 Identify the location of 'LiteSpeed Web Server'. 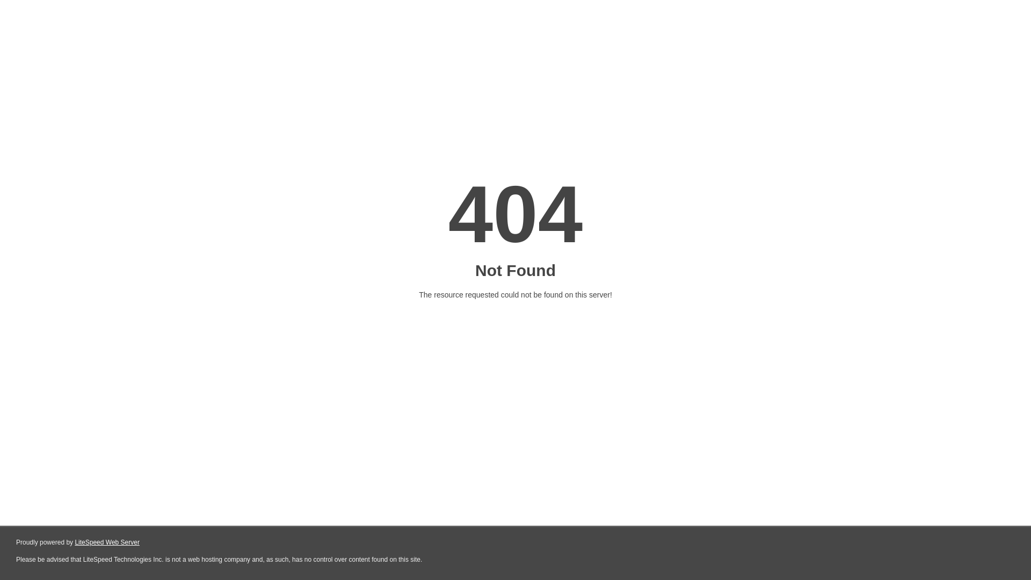
(107, 542).